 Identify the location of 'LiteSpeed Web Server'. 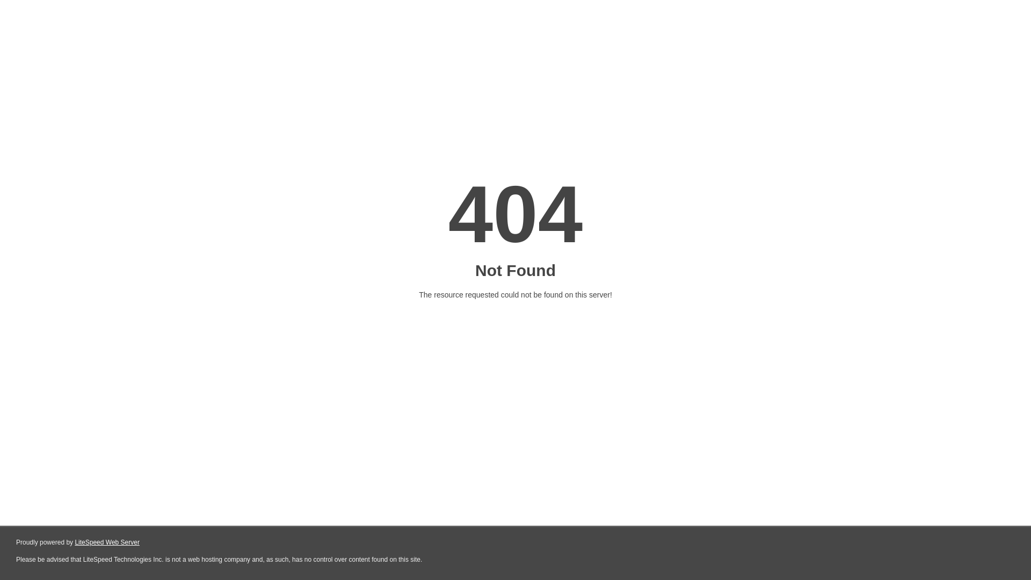
(107, 542).